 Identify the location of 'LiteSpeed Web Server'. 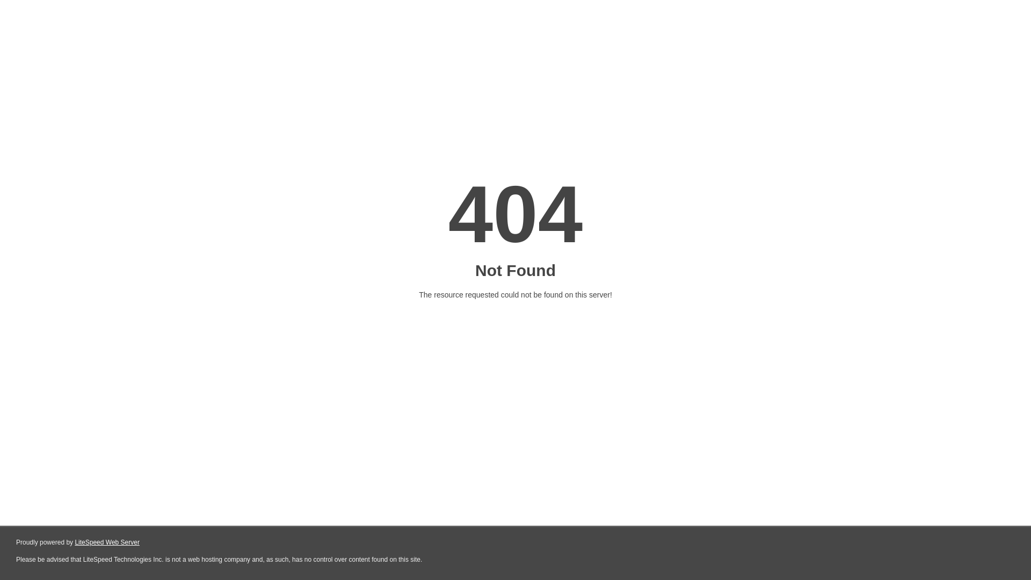
(107, 542).